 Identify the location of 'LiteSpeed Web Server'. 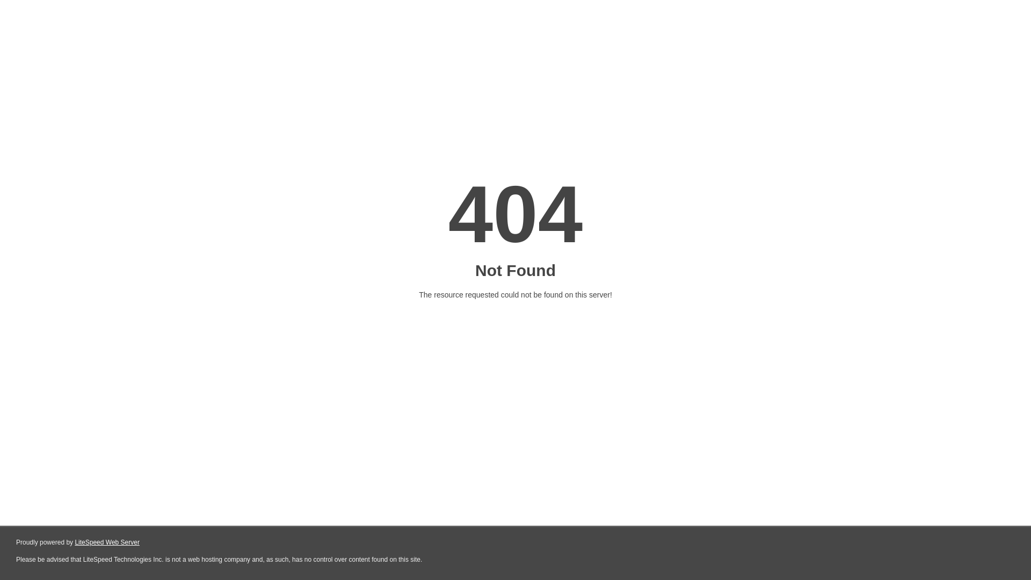
(107, 542).